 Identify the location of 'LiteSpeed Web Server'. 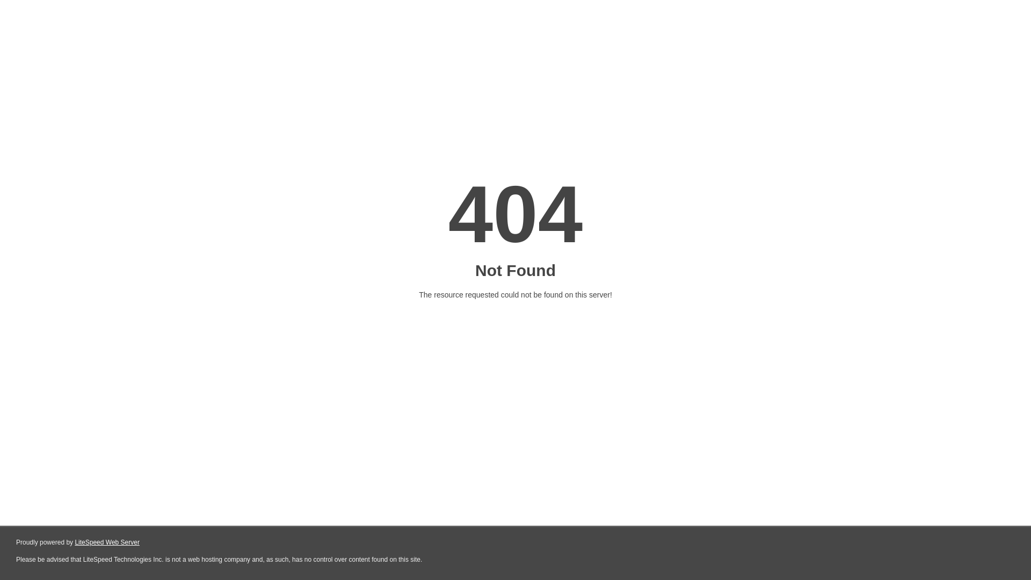
(107, 542).